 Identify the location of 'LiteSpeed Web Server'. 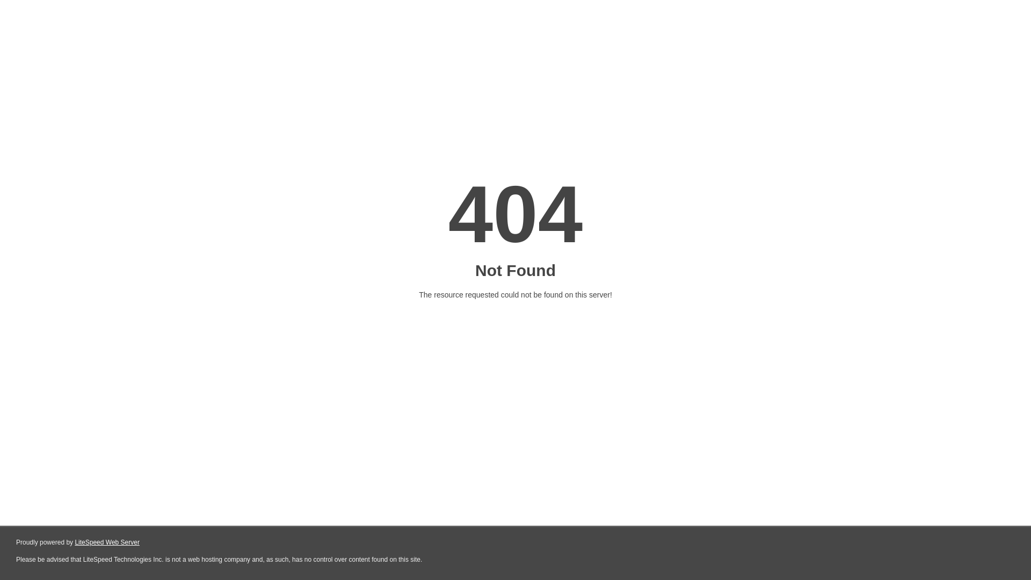
(107, 542).